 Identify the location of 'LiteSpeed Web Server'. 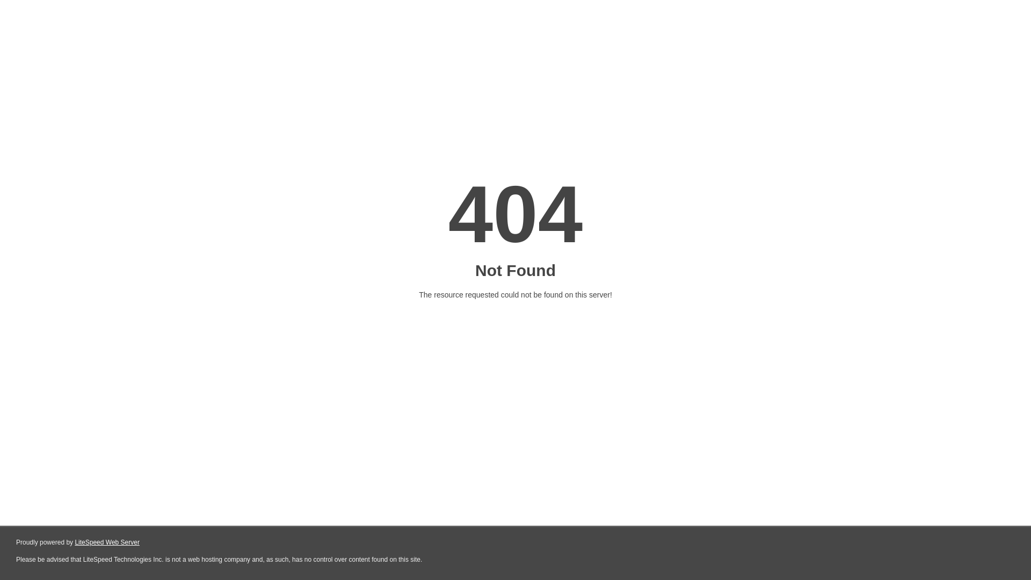
(107, 542).